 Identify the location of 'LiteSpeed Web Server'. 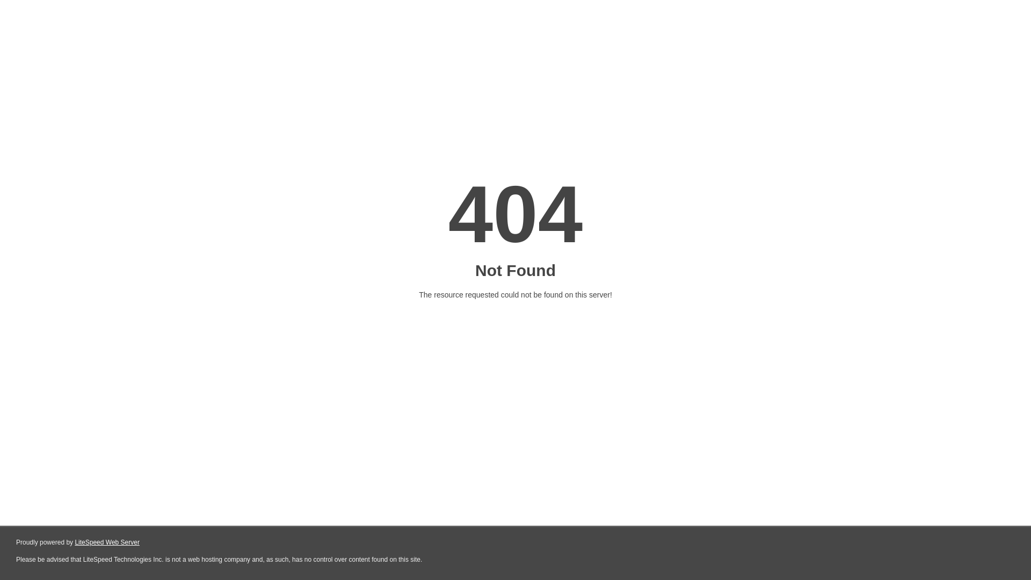
(107, 542).